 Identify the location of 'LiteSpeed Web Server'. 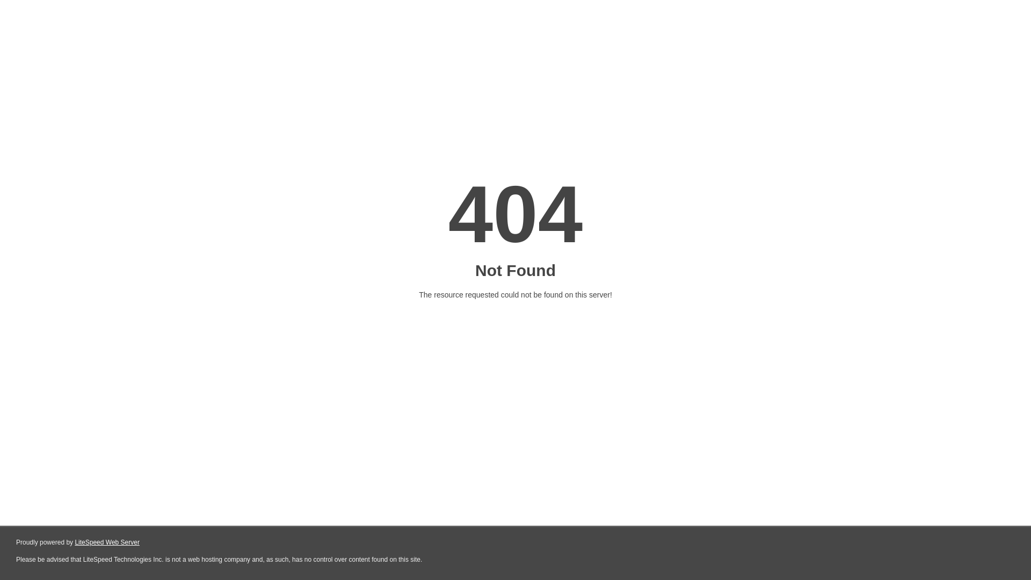
(107, 542).